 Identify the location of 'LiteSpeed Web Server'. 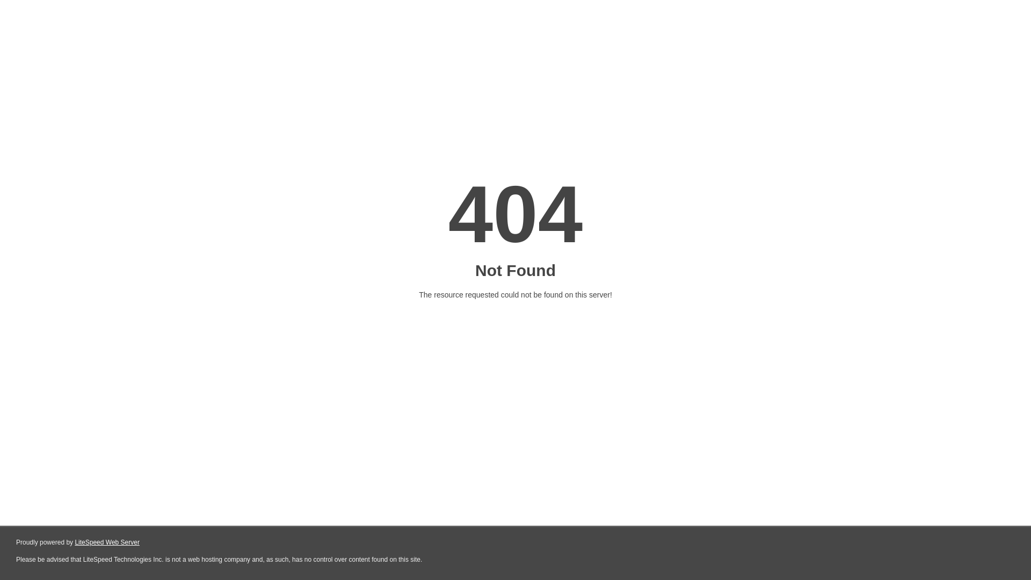
(107, 542).